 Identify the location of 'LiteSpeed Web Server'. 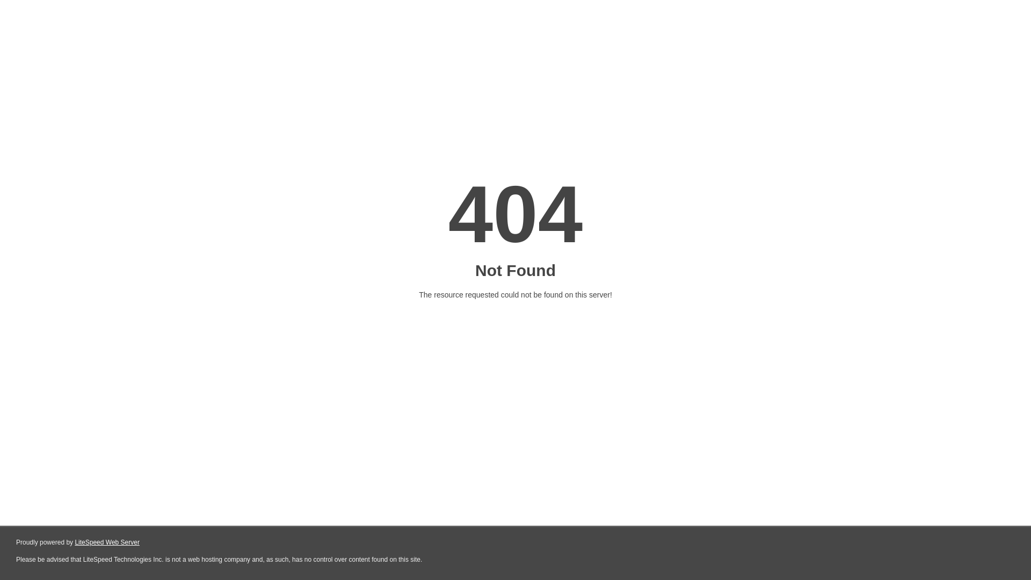
(107, 542).